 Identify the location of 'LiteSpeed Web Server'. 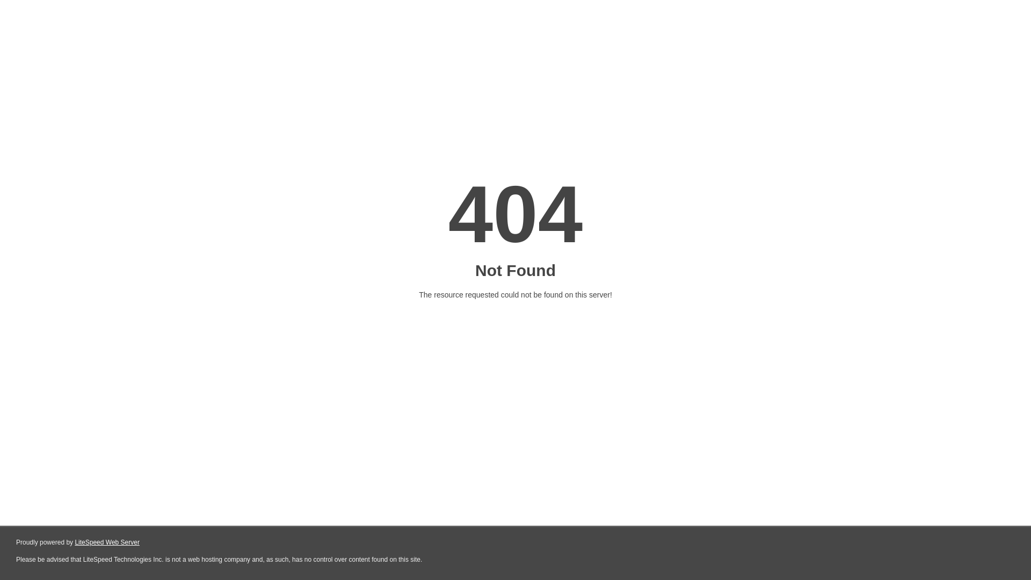
(107, 542).